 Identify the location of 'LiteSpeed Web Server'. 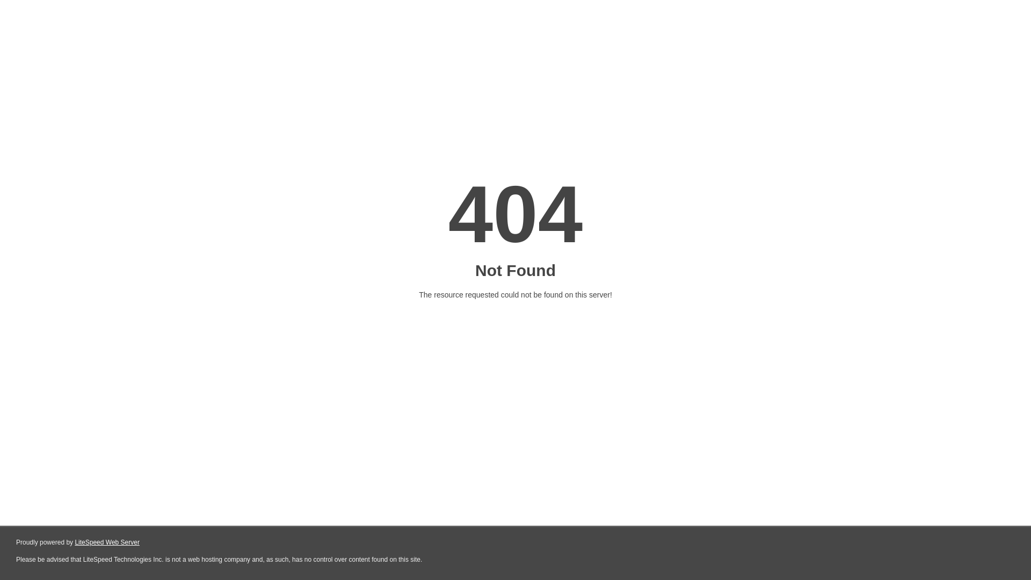
(107, 542).